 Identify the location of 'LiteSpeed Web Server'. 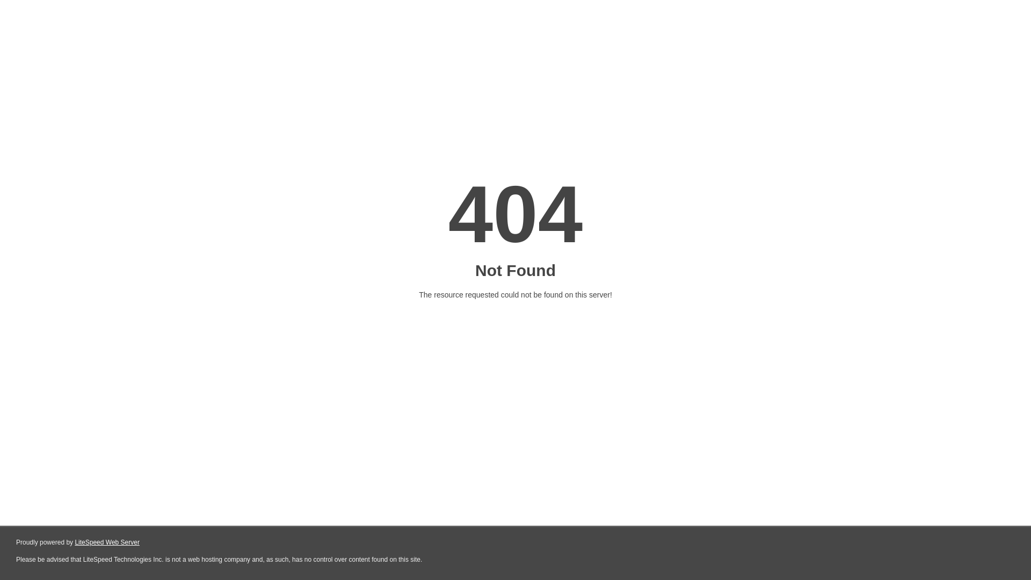
(107, 542).